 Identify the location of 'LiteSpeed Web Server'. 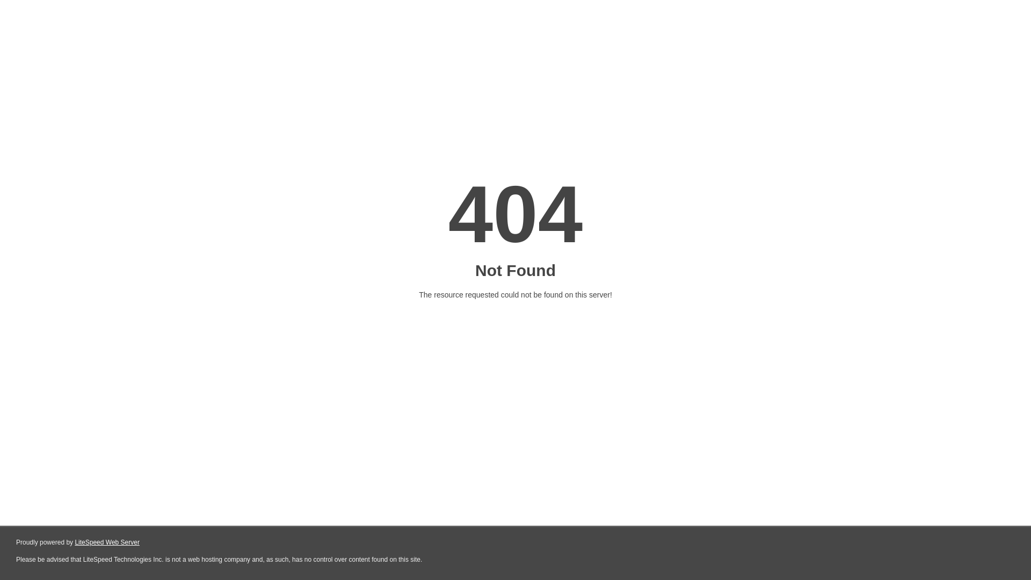
(107, 542).